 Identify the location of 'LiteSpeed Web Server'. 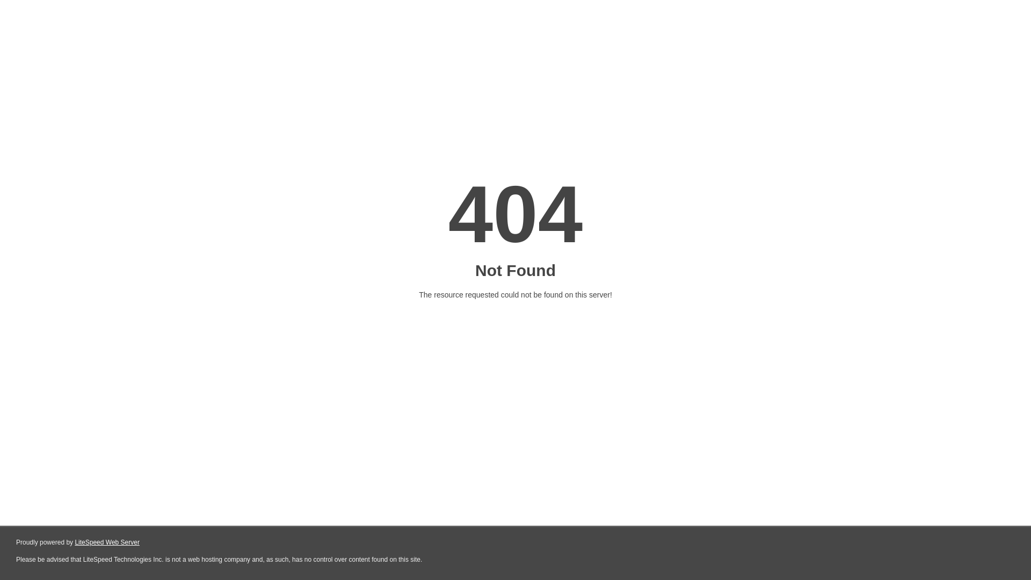
(107, 542).